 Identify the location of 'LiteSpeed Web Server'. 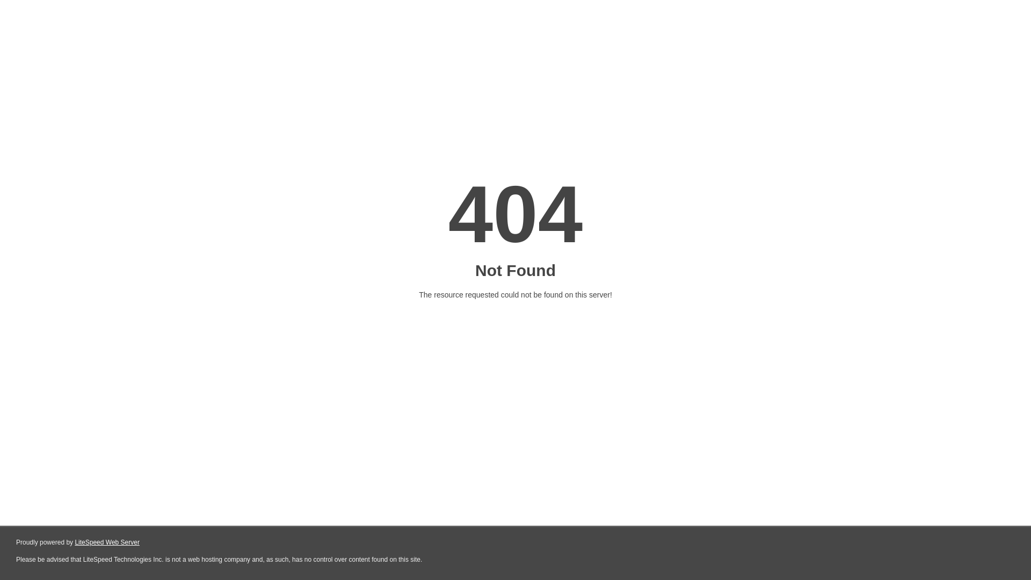
(107, 542).